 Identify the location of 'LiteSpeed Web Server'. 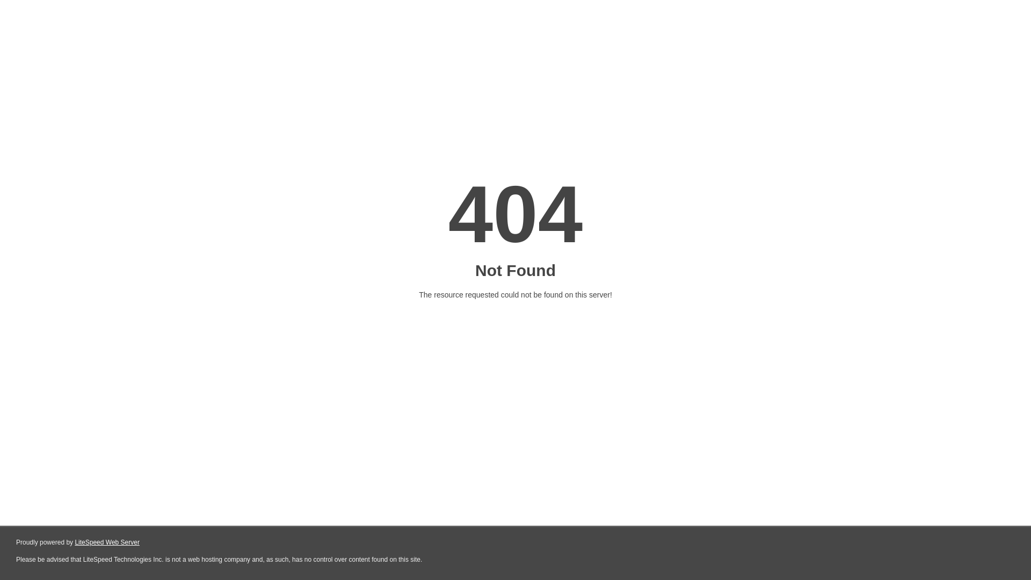
(107, 542).